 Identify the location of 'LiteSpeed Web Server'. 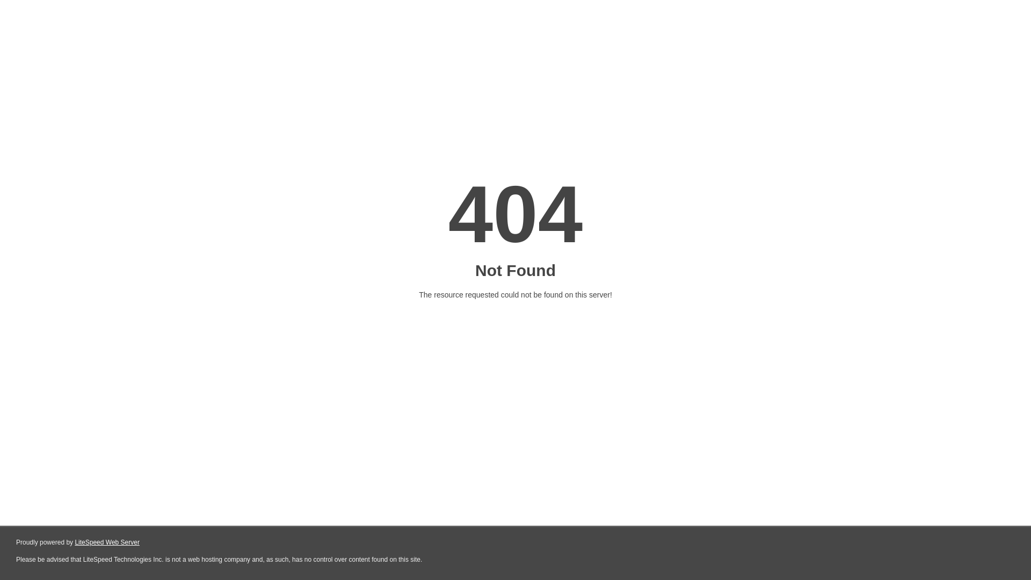
(107, 542).